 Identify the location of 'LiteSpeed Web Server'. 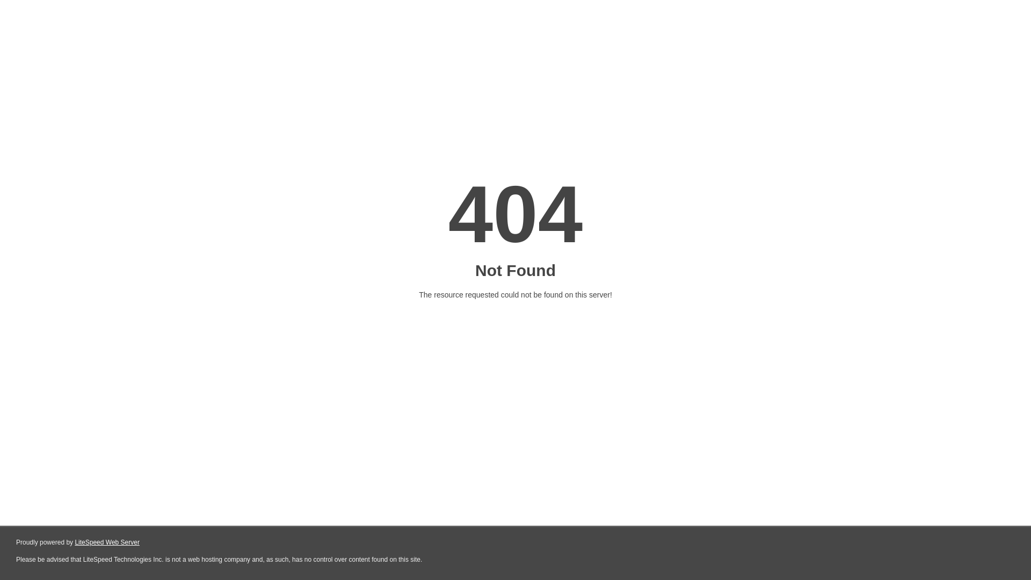
(107, 542).